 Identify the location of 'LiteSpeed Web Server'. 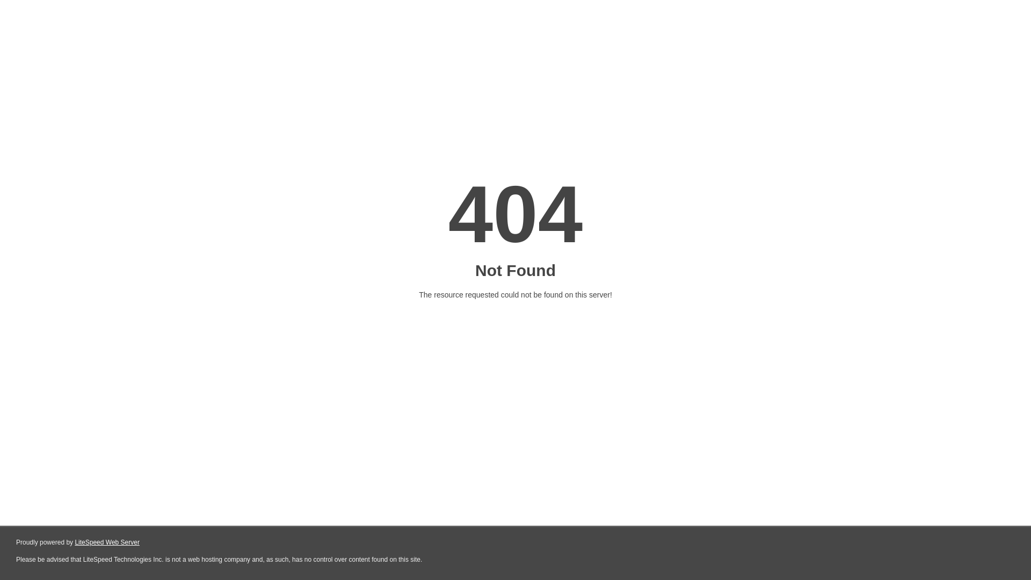
(107, 542).